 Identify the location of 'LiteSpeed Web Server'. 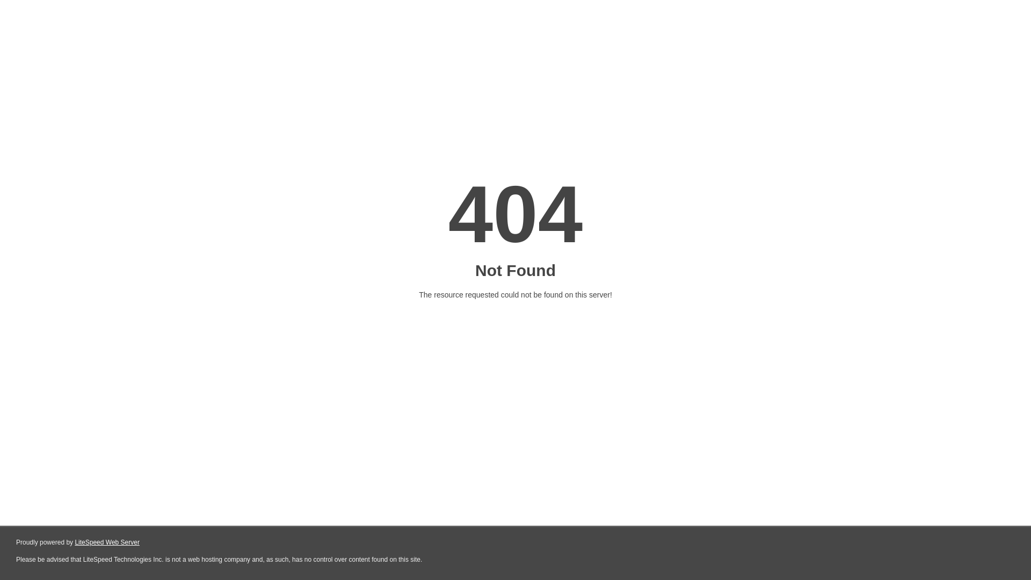
(107, 542).